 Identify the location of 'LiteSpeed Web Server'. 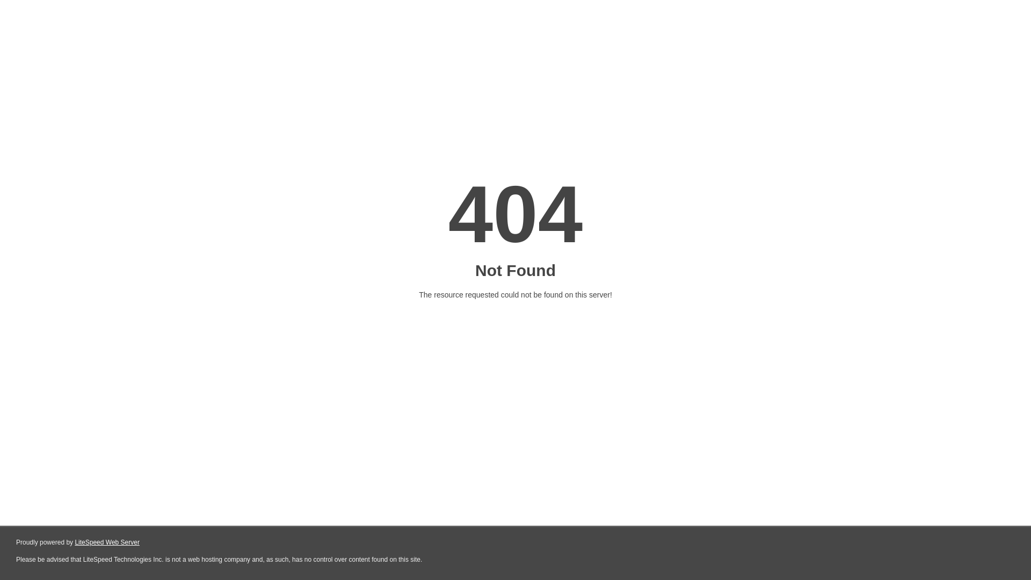
(107, 542).